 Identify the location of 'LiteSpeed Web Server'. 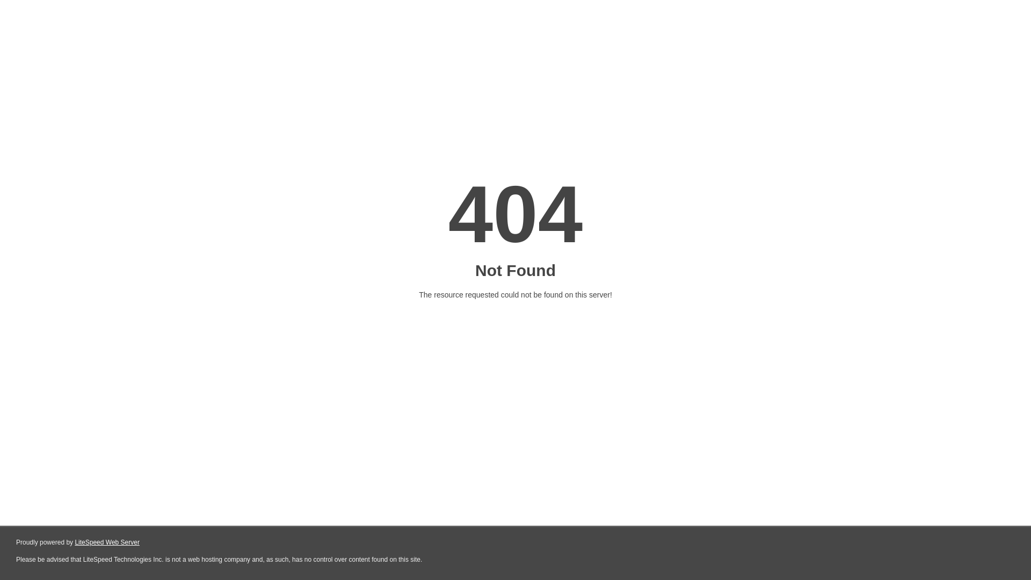
(107, 542).